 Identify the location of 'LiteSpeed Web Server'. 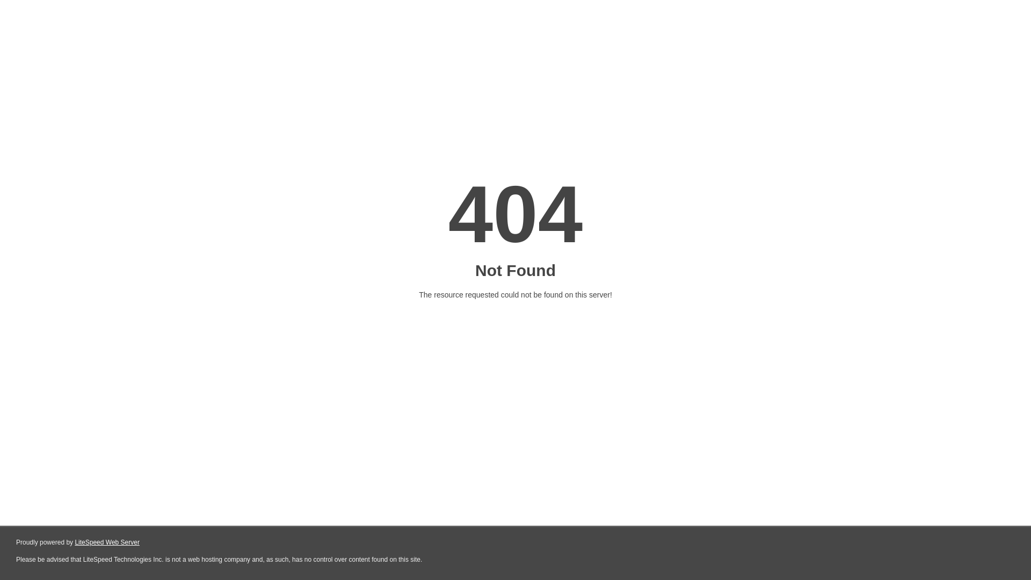
(107, 542).